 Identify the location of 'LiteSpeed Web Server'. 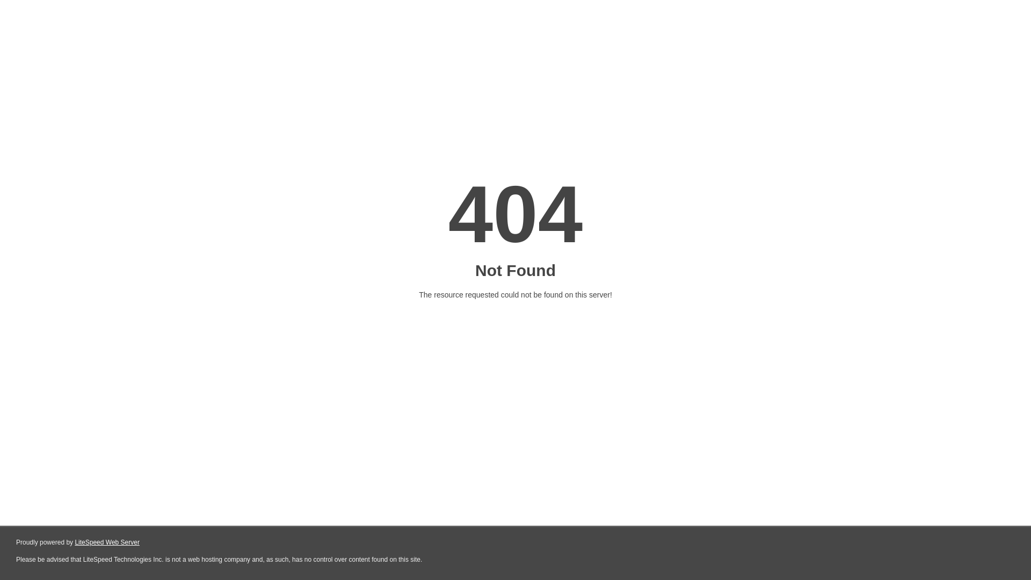
(107, 542).